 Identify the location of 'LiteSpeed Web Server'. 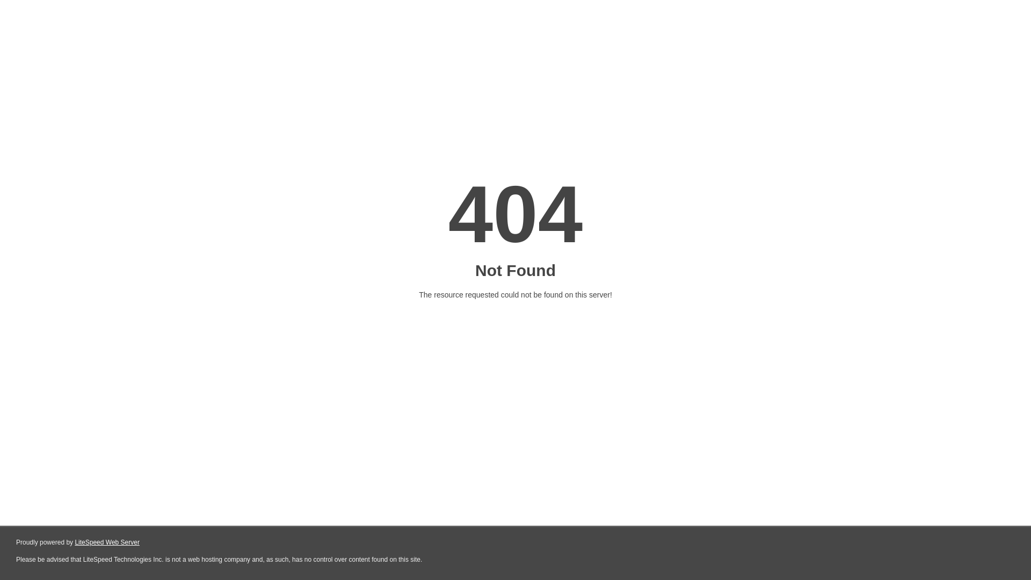
(107, 542).